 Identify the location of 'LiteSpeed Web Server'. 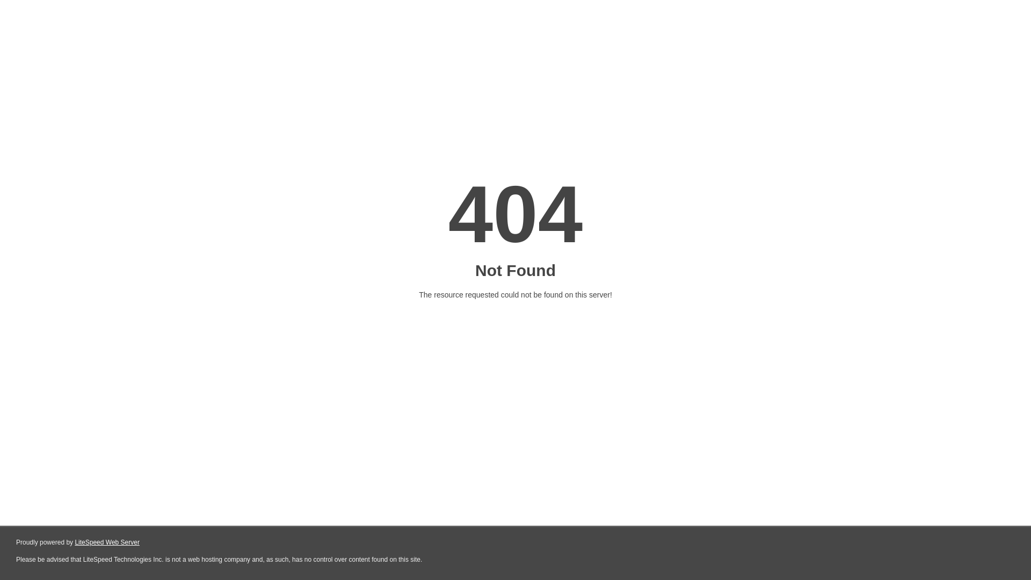
(107, 542).